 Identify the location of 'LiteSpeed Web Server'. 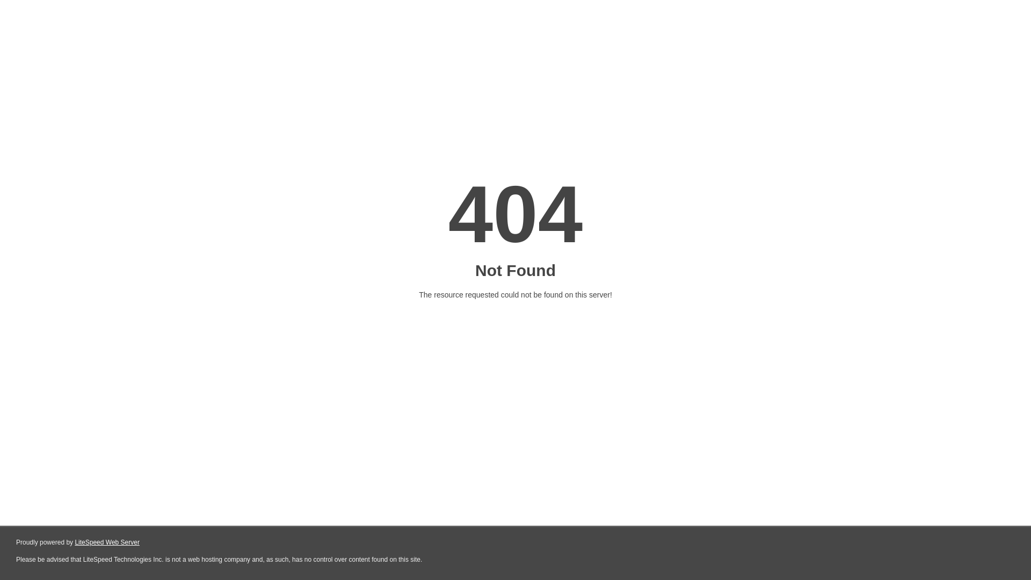
(107, 542).